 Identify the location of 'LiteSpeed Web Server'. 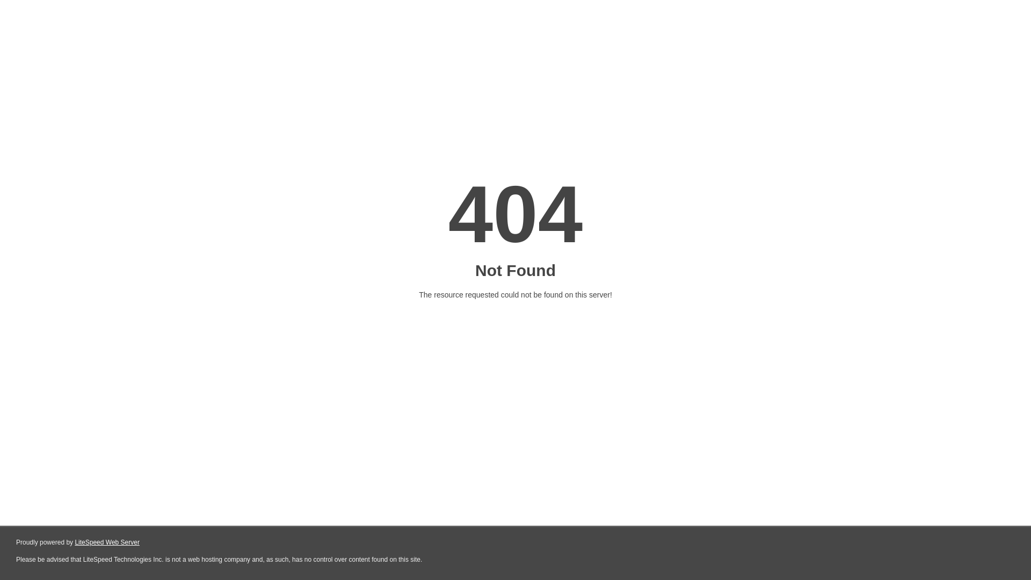
(107, 542).